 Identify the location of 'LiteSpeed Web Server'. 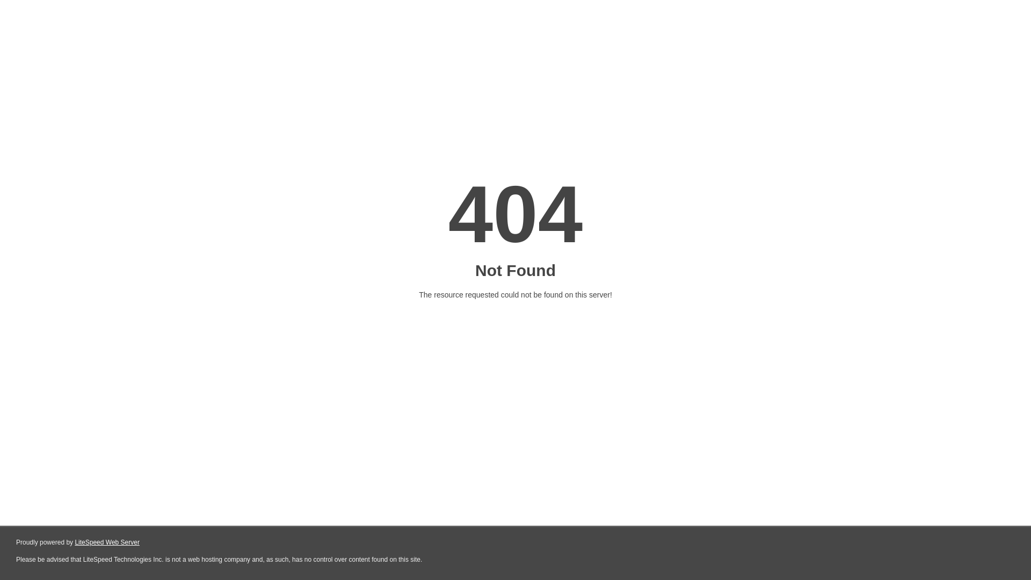
(107, 542).